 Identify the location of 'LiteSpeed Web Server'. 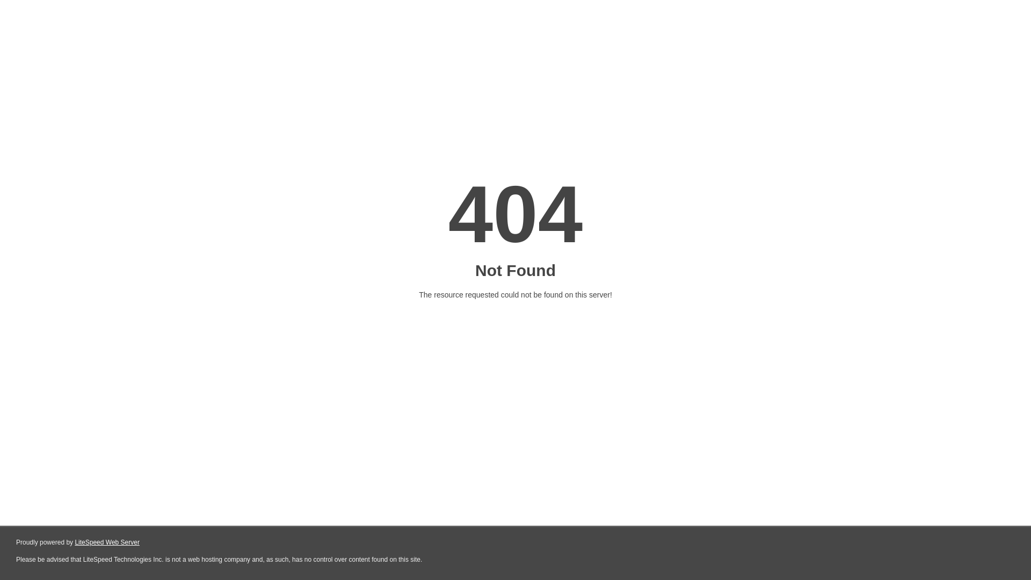
(107, 542).